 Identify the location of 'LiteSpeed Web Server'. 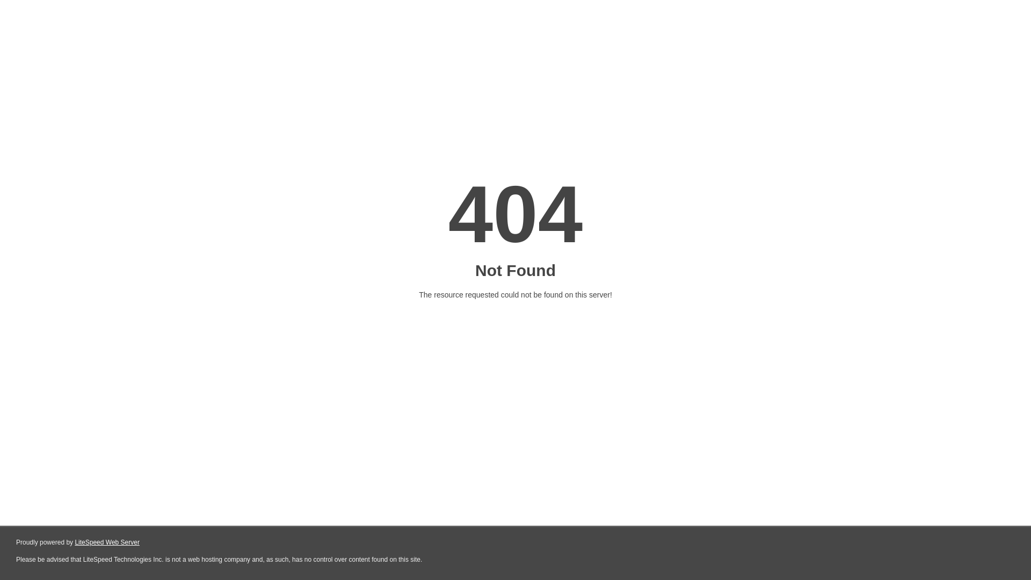
(107, 542).